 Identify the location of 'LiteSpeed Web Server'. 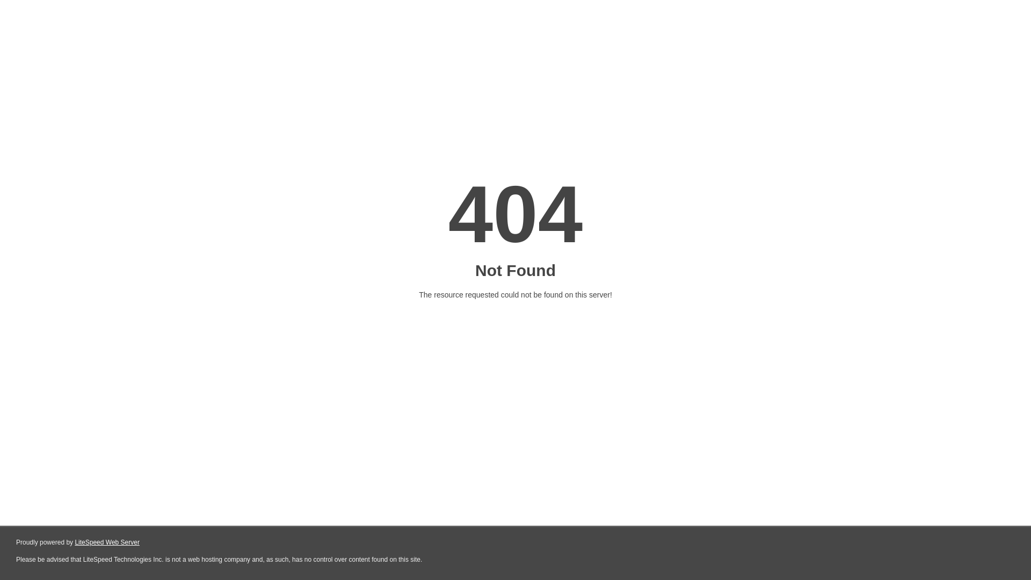
(107, 542).